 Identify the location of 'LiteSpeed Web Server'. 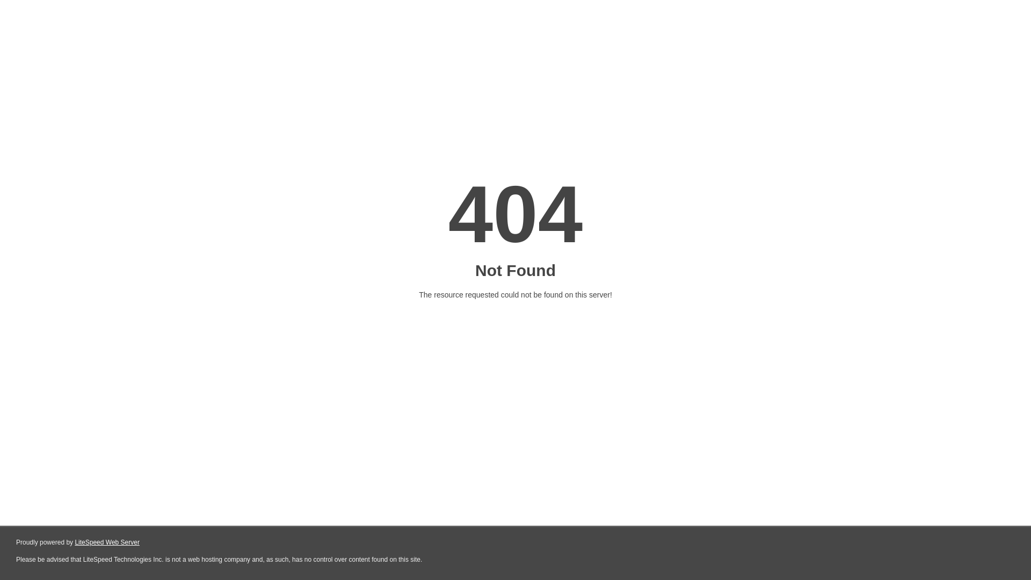
(107, 542).